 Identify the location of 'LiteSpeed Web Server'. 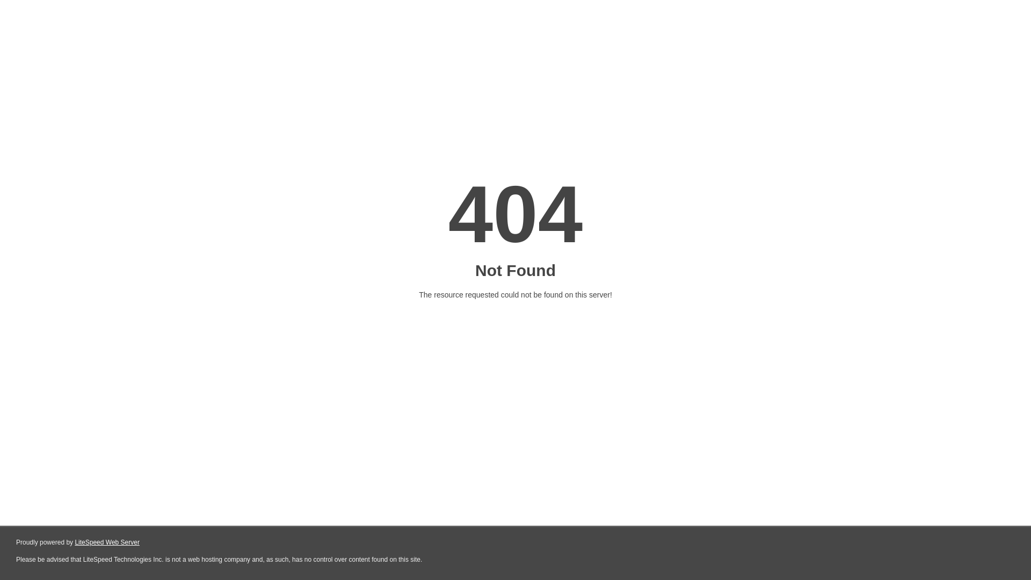
(107, 542).